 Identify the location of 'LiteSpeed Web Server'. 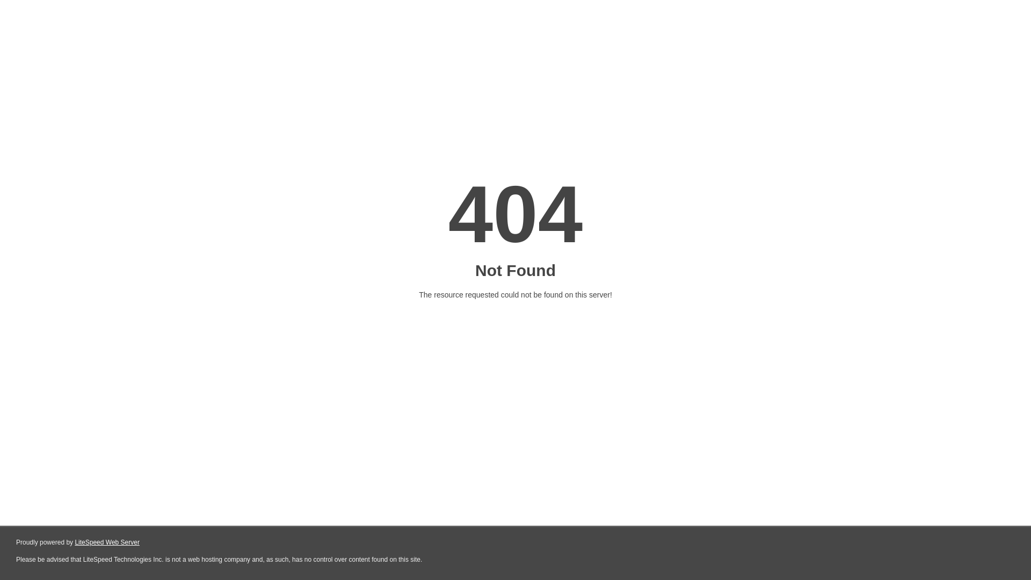
(107, 542).